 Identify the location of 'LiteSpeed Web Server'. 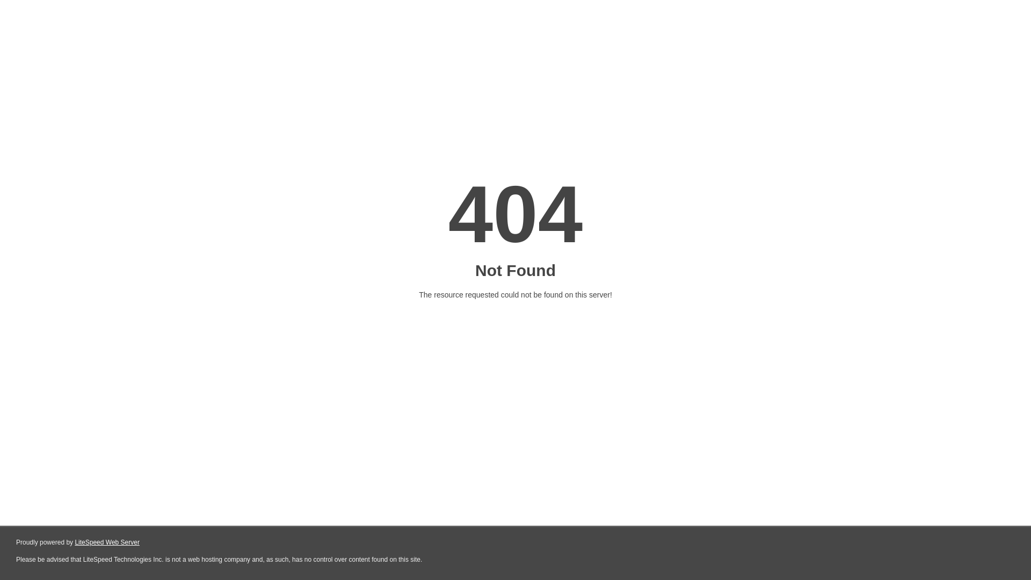
(107, 542).